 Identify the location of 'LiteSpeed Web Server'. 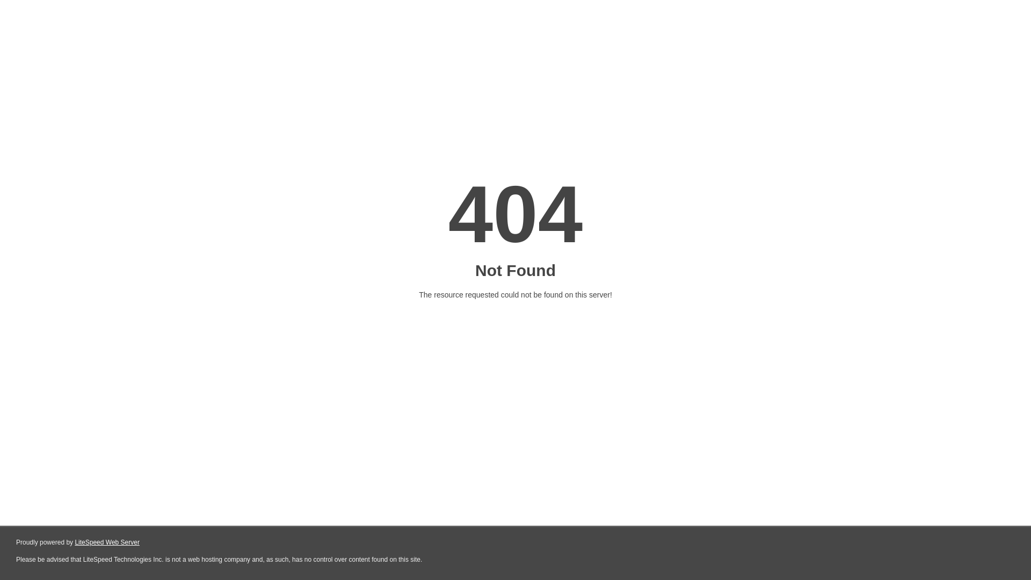
(107, 542).